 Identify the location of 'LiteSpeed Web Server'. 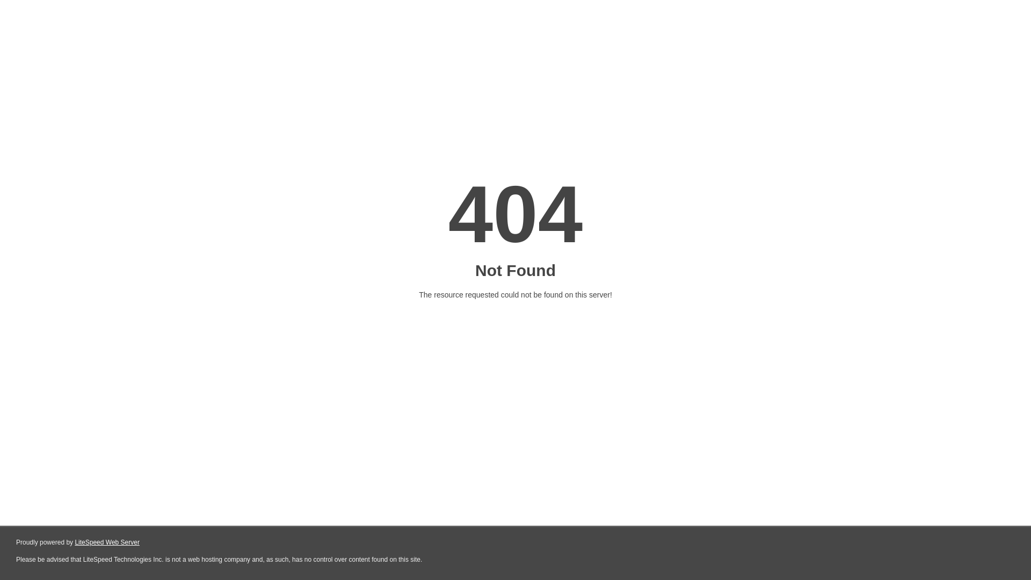
(107, 542).